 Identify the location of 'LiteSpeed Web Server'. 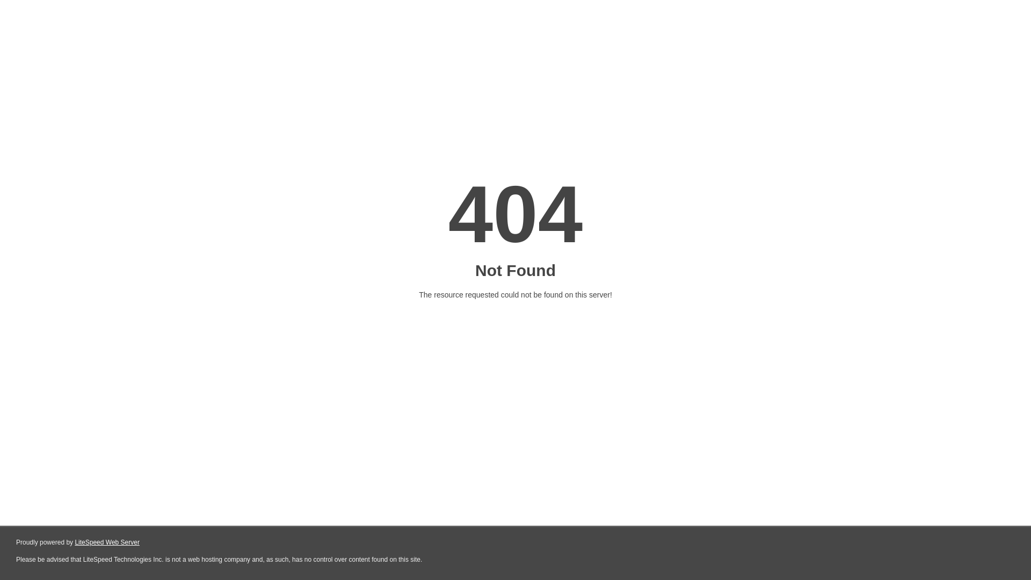
(107, 542).